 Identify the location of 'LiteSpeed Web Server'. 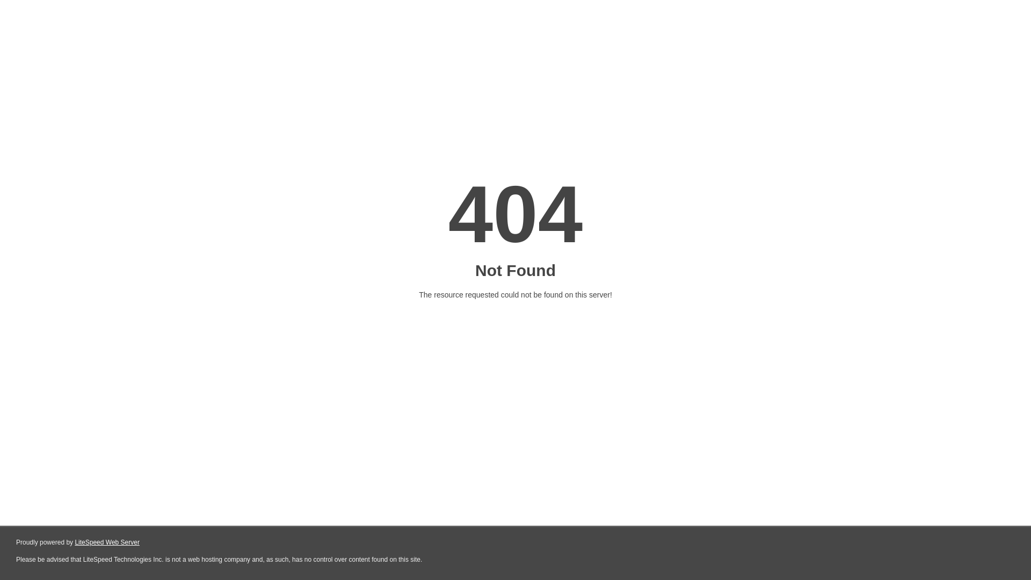
(107, 542).